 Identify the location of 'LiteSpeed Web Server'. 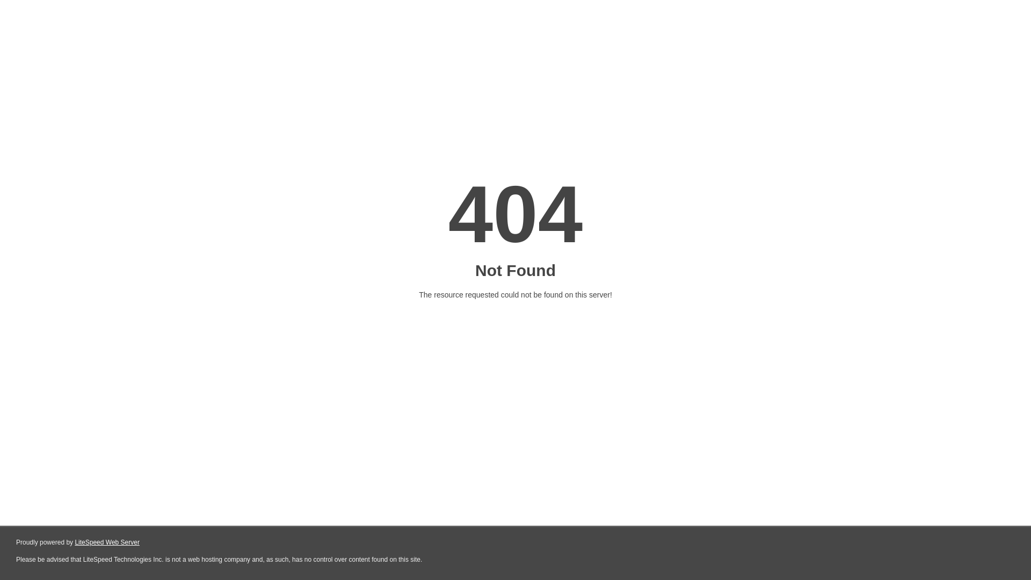
(107, 542).